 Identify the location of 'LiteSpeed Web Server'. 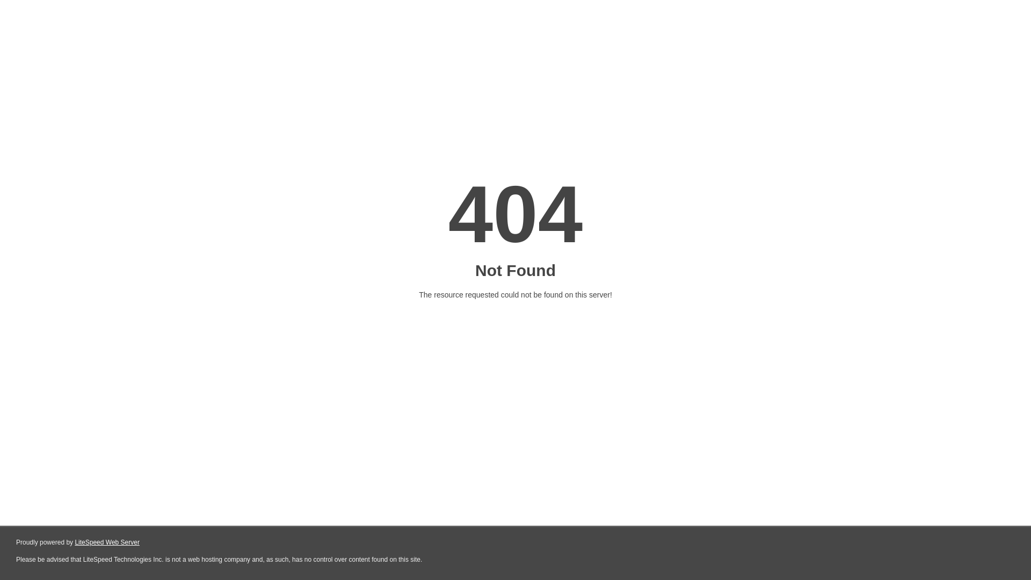
(107, 542).